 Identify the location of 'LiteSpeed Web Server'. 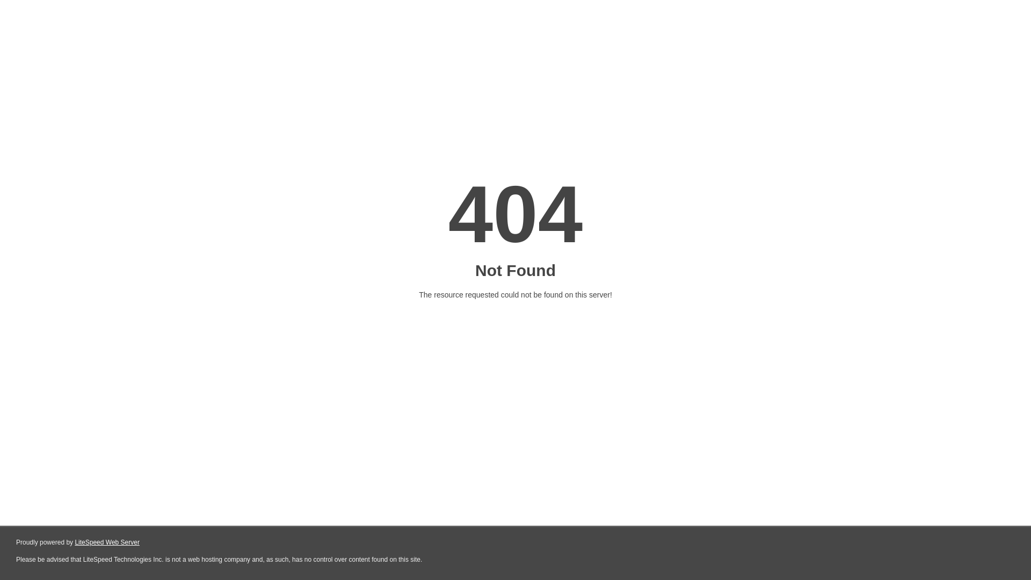
(107, 542).